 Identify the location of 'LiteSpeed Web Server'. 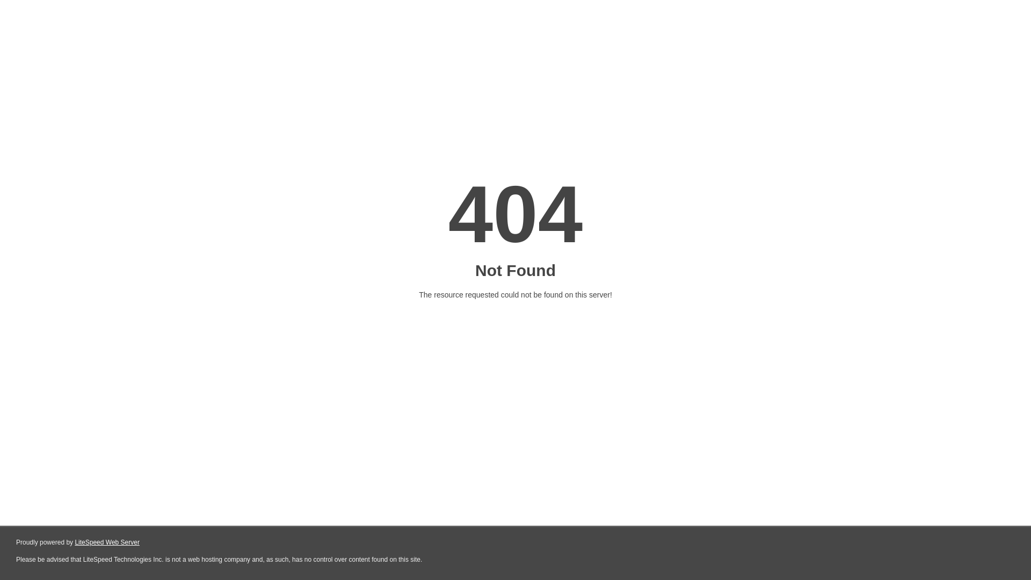
(107, 542).